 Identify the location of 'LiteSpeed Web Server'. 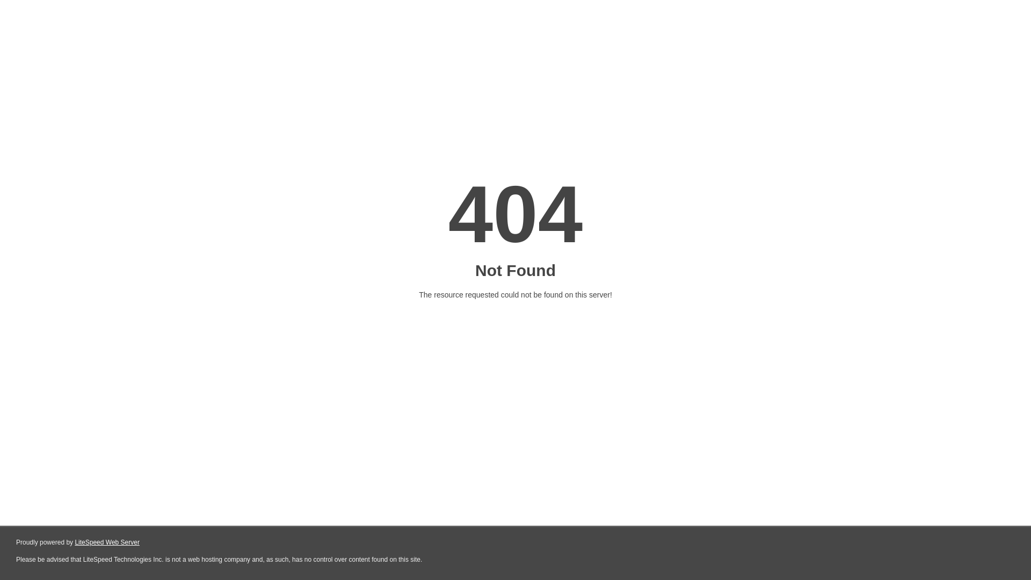
(107, 542).